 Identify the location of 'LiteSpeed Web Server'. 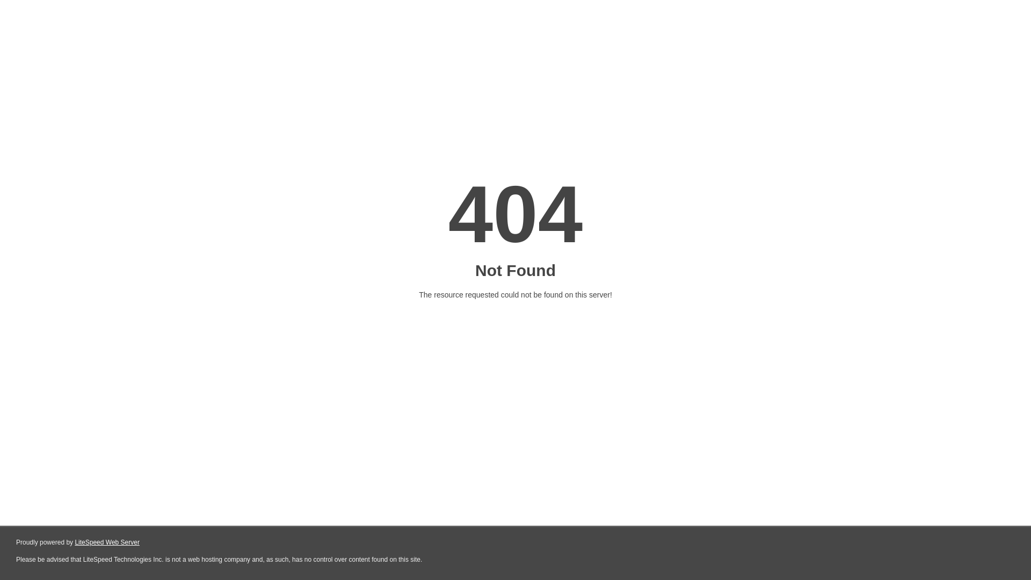
(107, 542).